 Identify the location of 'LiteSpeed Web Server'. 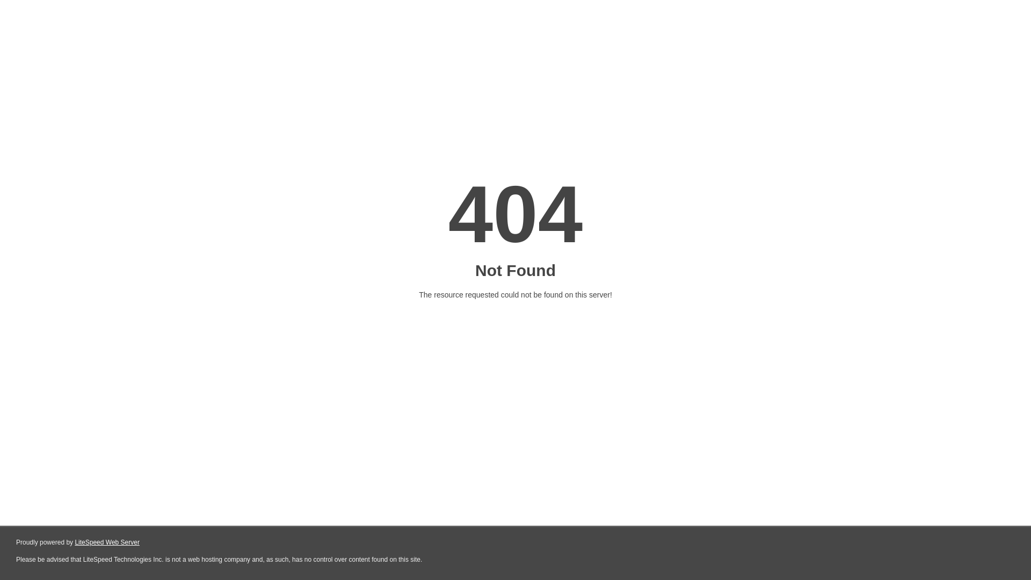
(107, 542).